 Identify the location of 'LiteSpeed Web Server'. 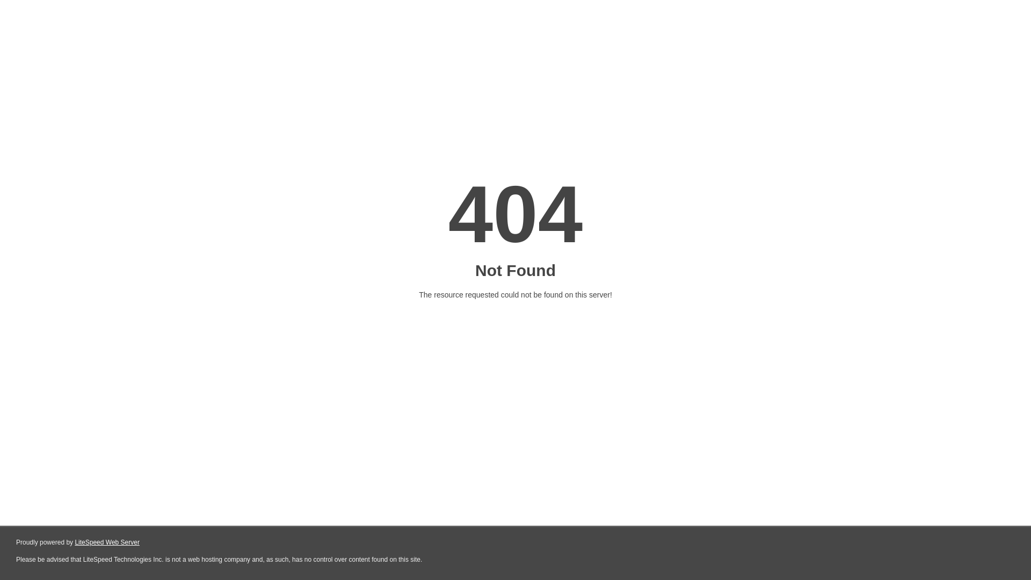
(107, 542).